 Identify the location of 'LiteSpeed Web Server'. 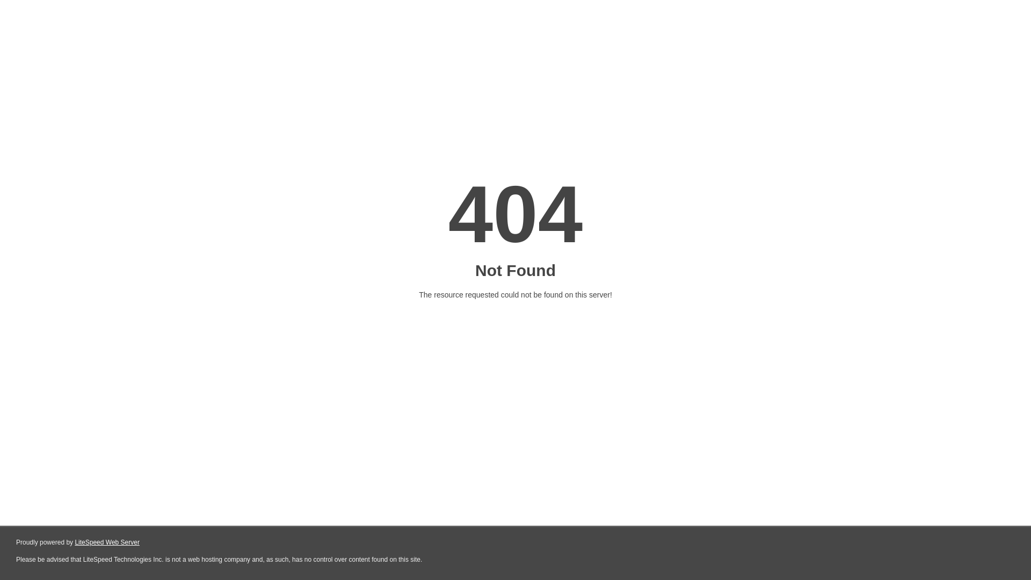
(107, 542).